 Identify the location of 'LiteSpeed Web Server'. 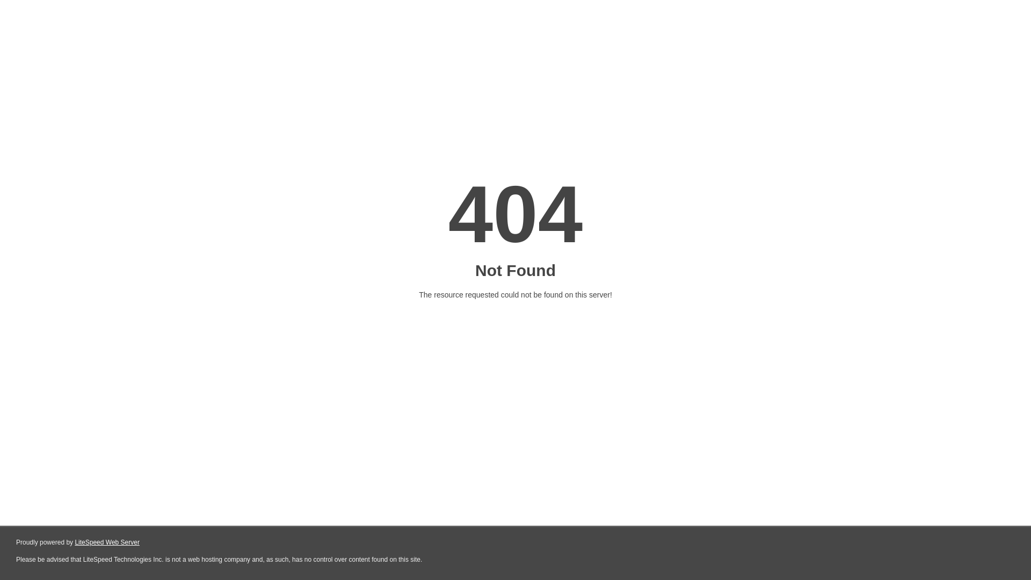
(107, 542).